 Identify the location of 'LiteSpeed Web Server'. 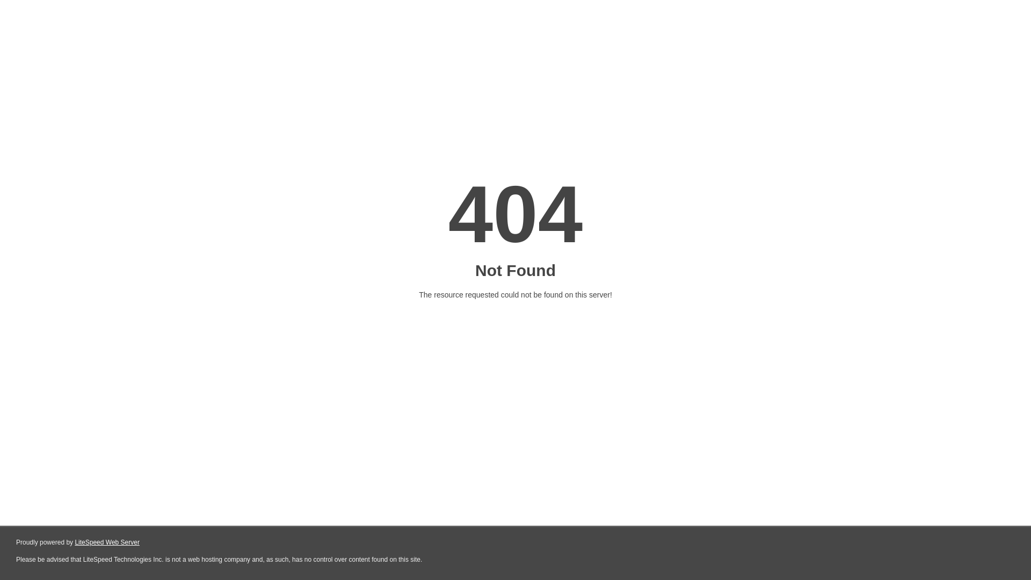
(107, 542).